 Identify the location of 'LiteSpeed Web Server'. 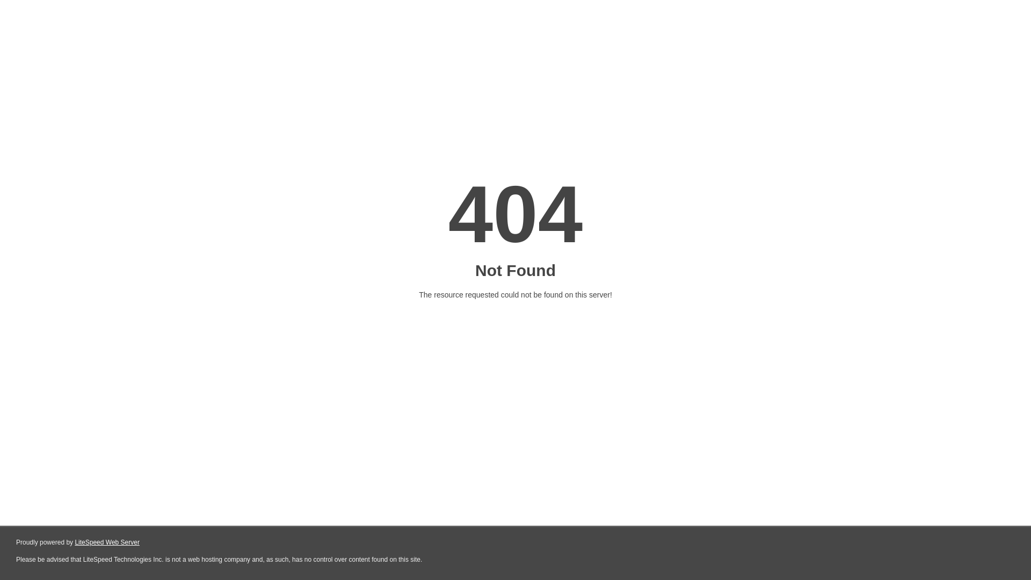
(107, 542).